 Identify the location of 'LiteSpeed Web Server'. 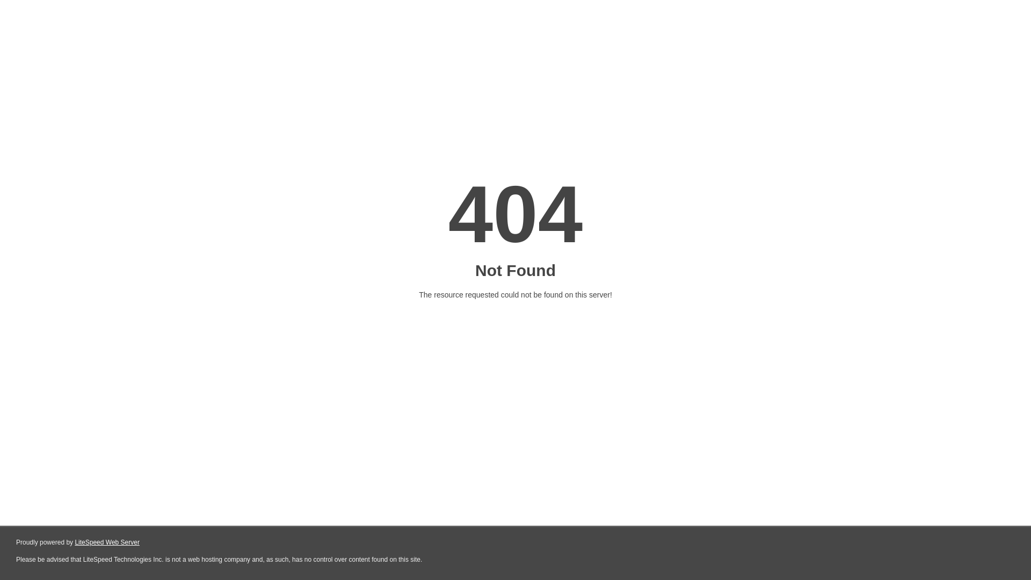
(107, 542).